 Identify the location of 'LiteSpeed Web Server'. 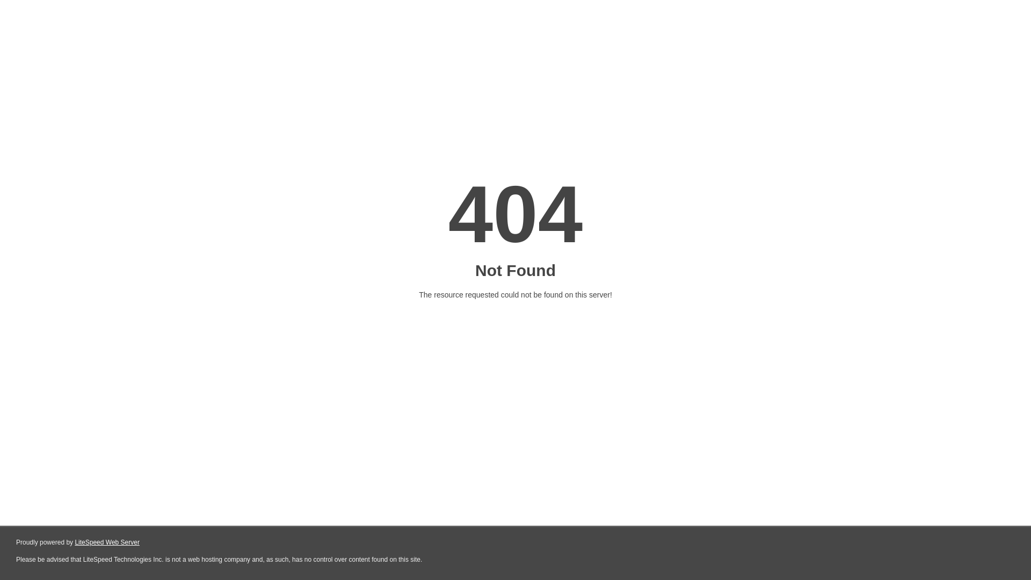
(107, 542).